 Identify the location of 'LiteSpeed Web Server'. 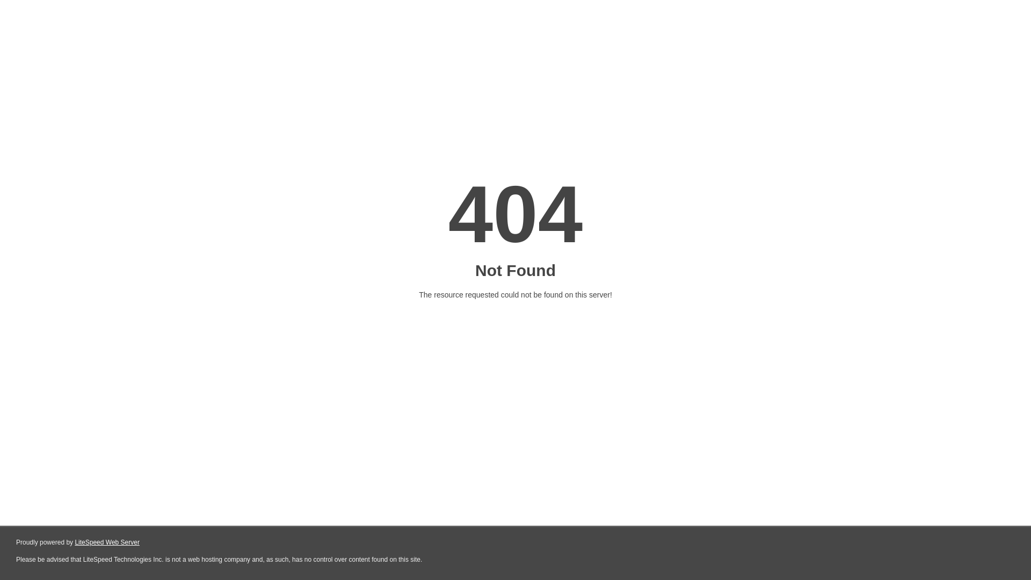
(107, 542).